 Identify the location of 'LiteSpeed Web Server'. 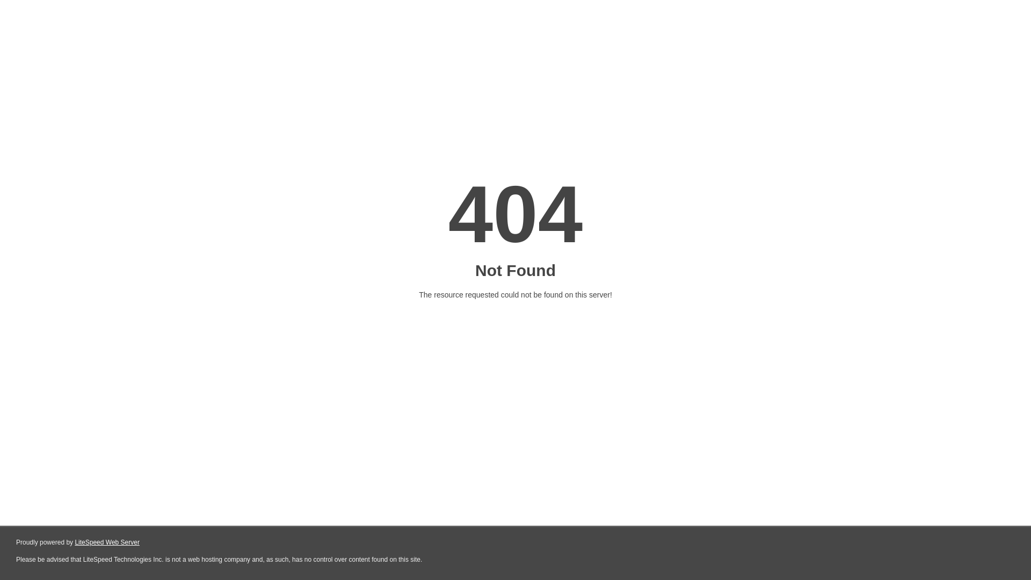
(107, 542).